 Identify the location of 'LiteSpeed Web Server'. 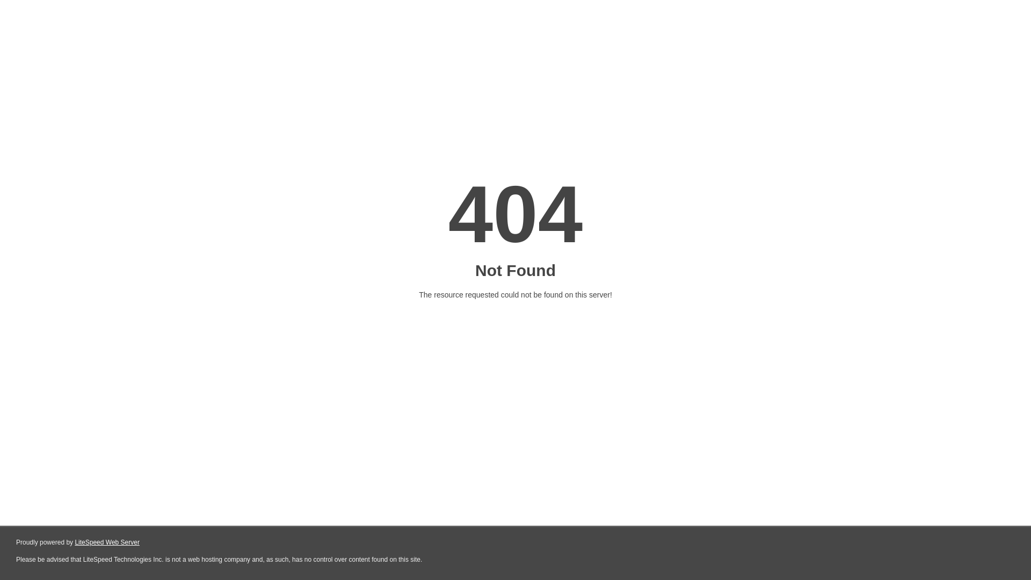
(107, 542).